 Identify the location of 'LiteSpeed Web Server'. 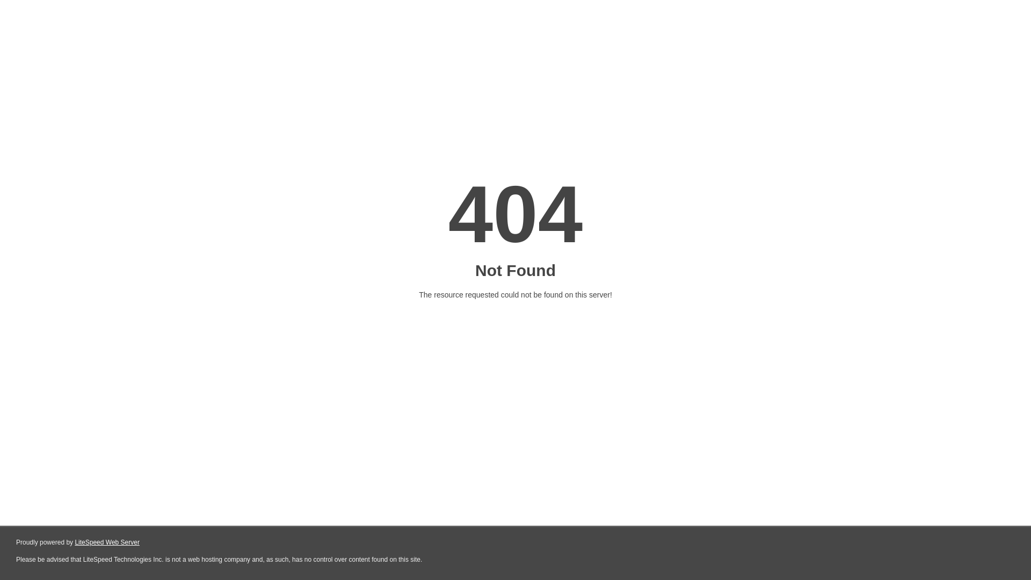
(107, 542).